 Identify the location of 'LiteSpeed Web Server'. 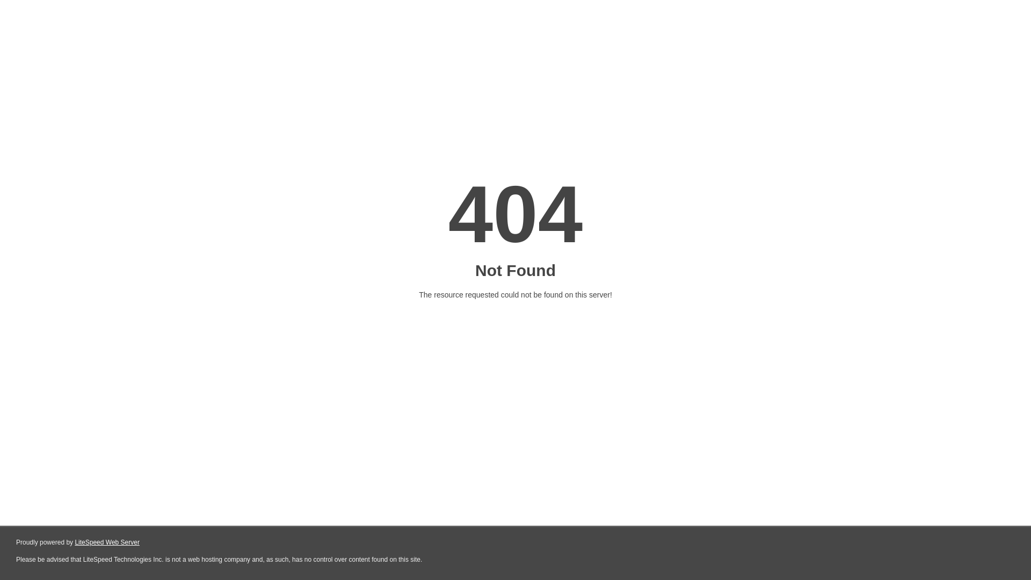
(107, 542).